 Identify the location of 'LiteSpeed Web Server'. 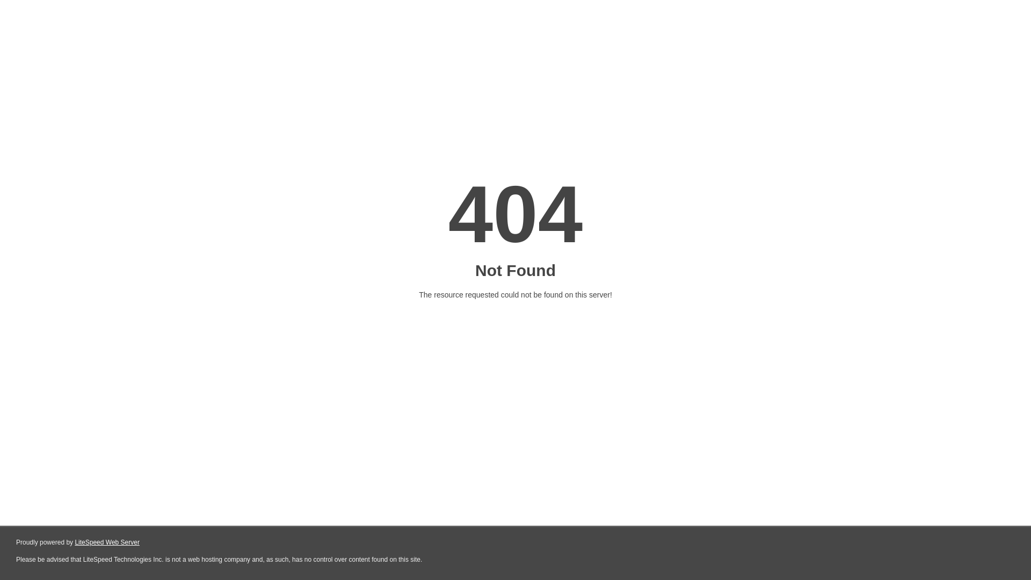
(107, 542).